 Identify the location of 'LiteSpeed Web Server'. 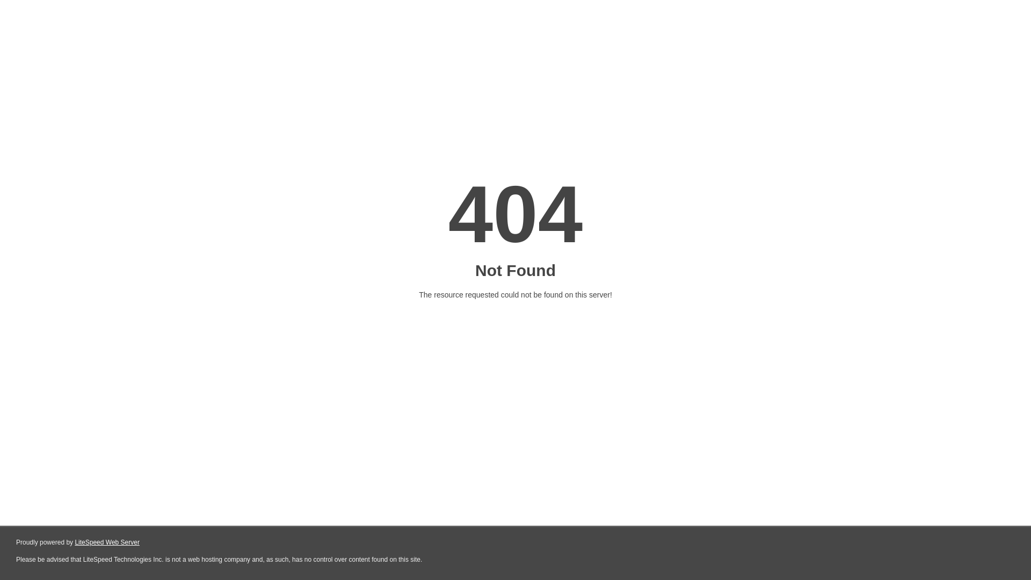
(107, 542).